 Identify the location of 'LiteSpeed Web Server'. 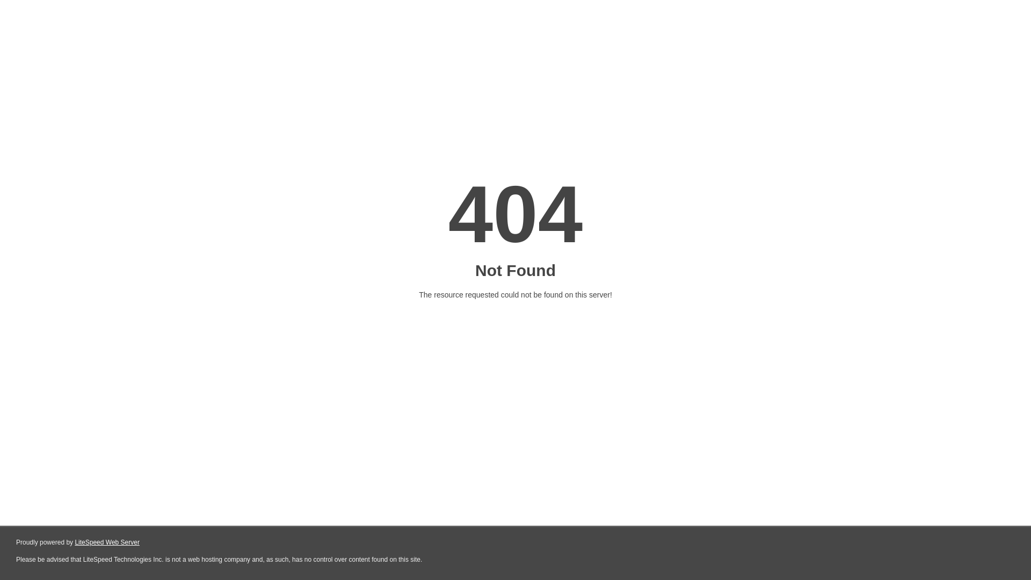
(107, 542).